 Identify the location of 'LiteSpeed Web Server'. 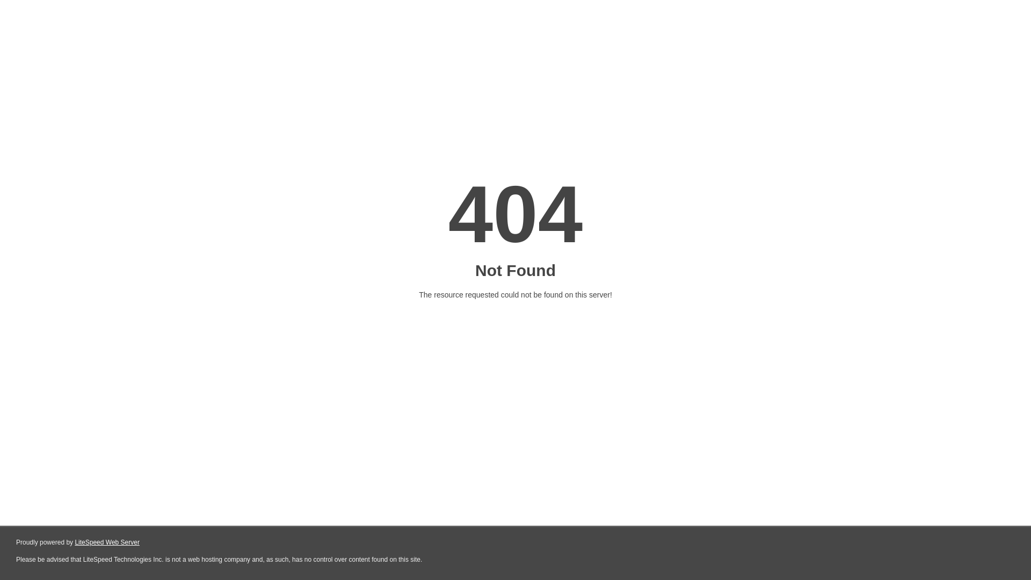
(107, 542).